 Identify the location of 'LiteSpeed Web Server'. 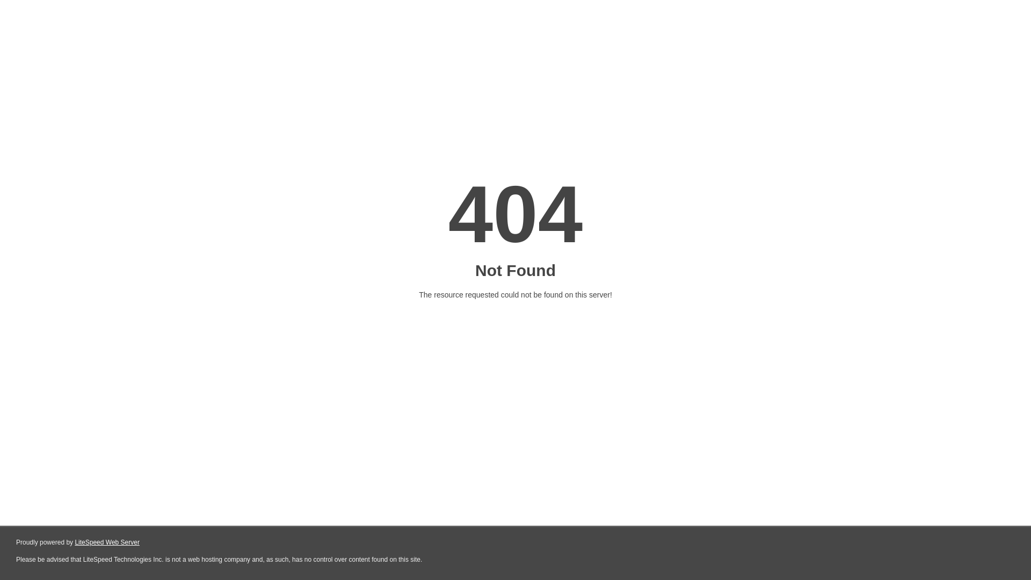
(107, 542).